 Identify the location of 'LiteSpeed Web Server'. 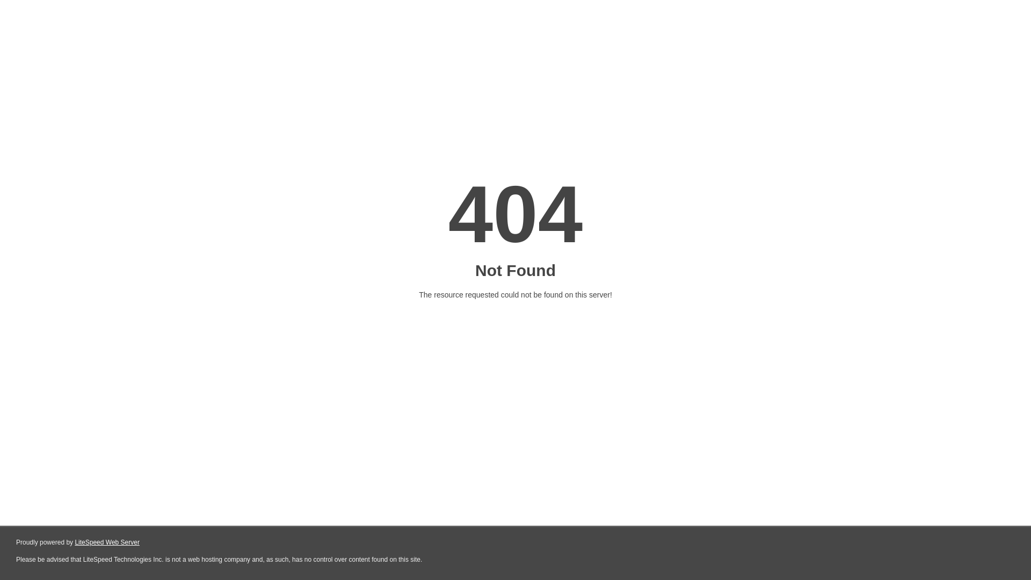
(107, 542).